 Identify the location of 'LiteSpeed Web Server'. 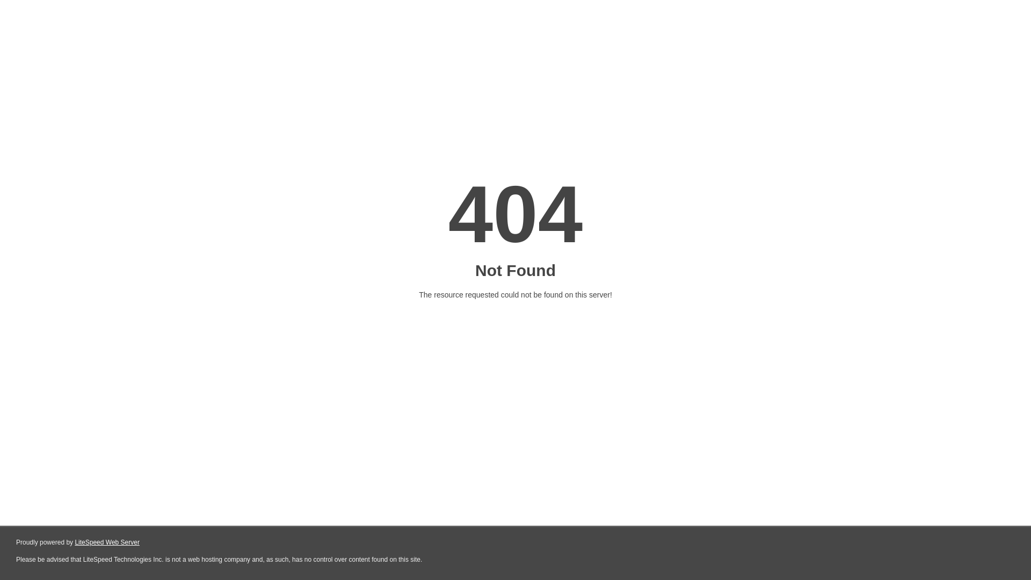
(107, 542).